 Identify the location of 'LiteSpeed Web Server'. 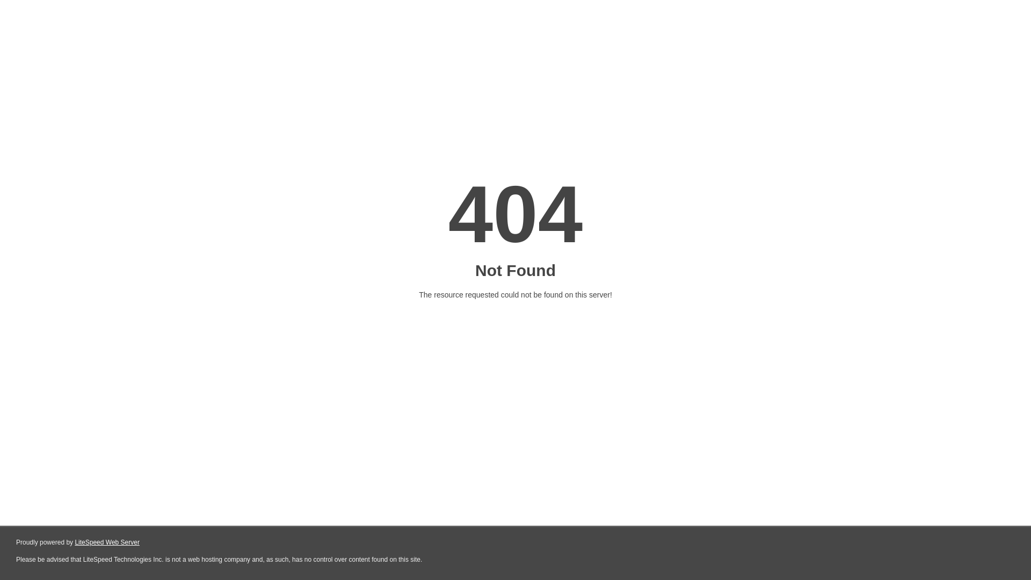
(107, 542).